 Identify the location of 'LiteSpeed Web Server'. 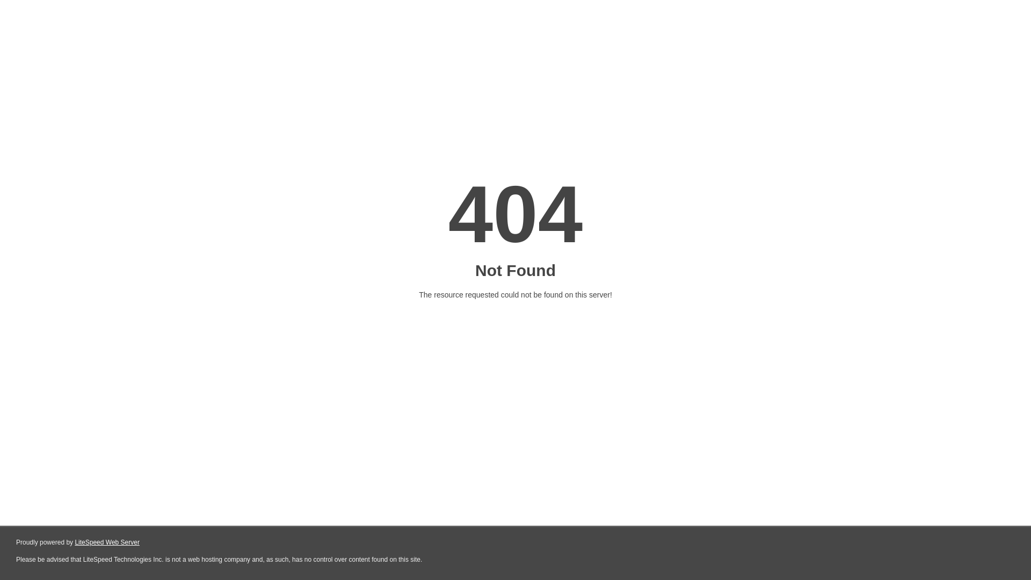
(107, 542).